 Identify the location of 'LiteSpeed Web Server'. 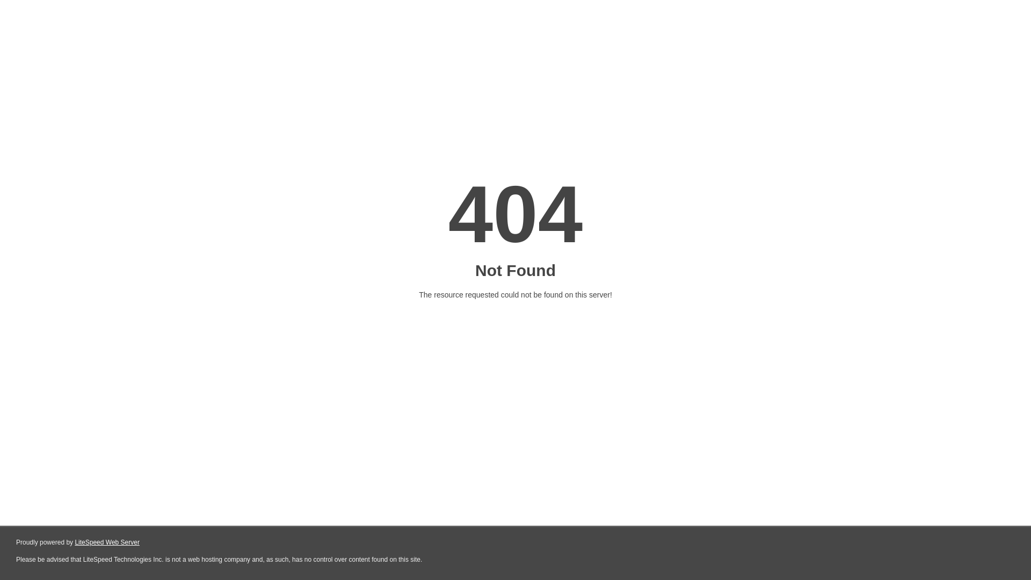
(107, 542).